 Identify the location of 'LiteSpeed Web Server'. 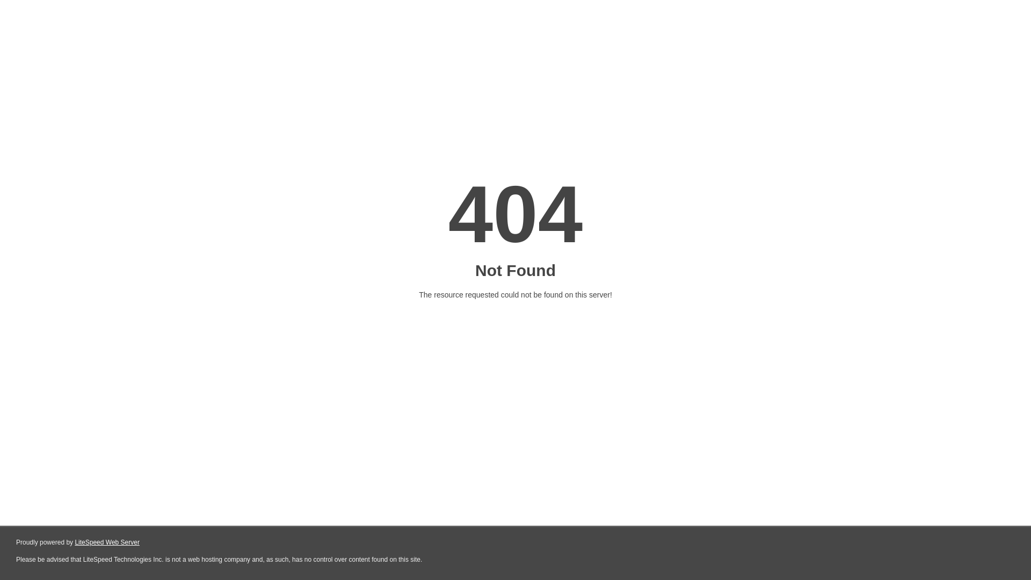
(107, 542).